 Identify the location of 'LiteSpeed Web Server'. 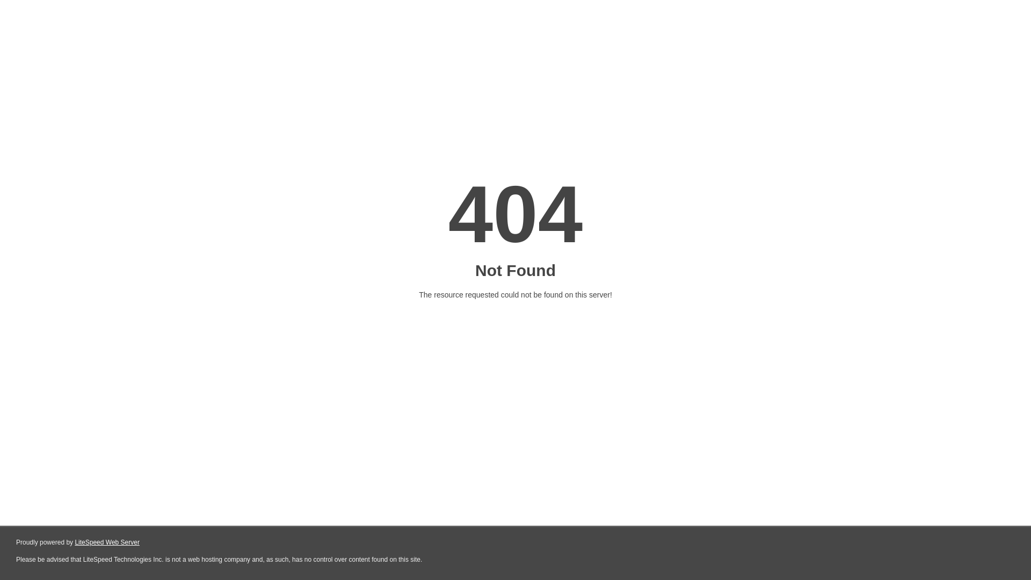
(107, 542).